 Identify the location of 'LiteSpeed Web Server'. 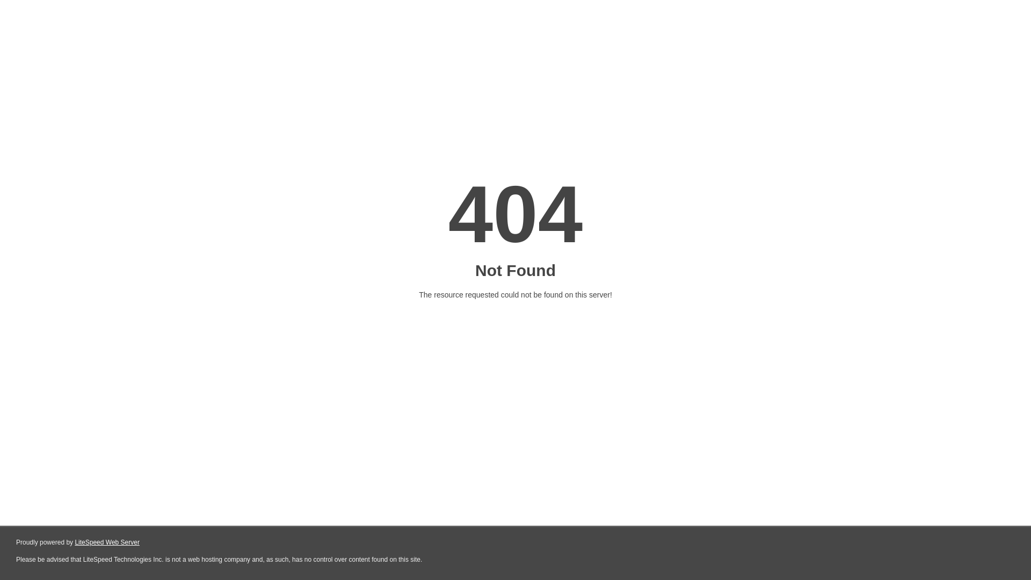
(107, 542).